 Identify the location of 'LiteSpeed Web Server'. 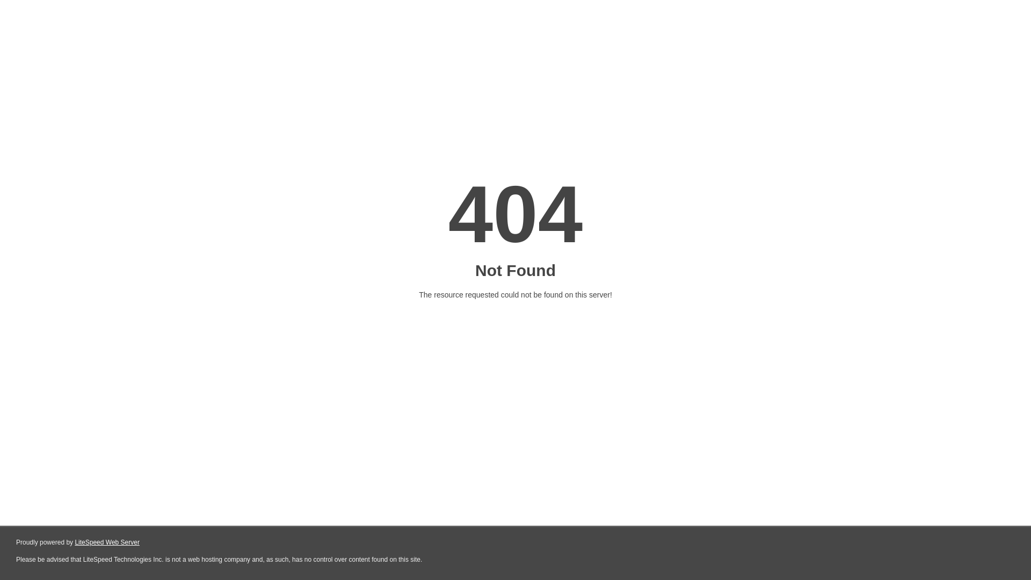
(107, 542).